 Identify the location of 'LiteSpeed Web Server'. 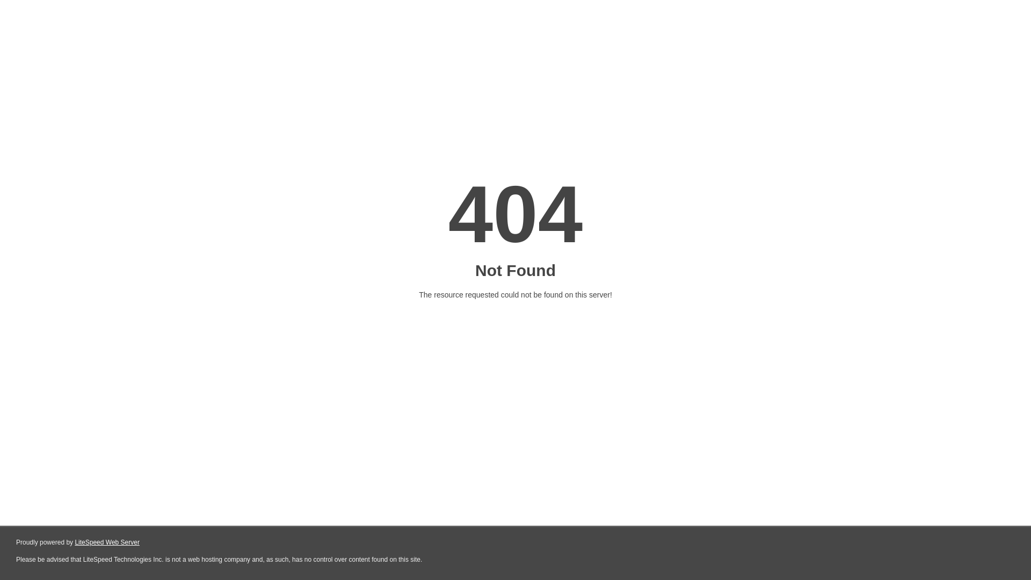
(107, 542).